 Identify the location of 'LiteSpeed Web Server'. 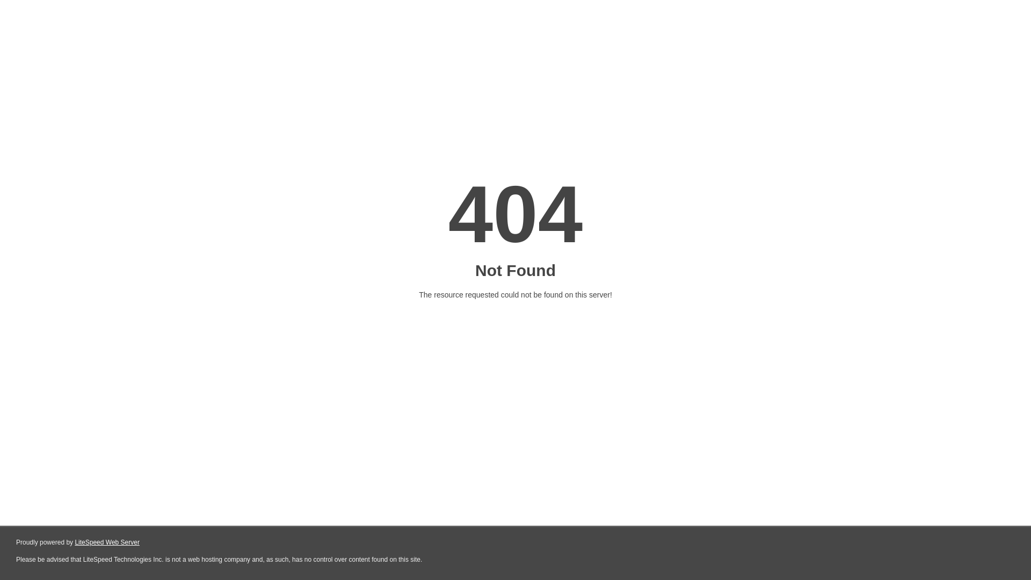
(107, 542).